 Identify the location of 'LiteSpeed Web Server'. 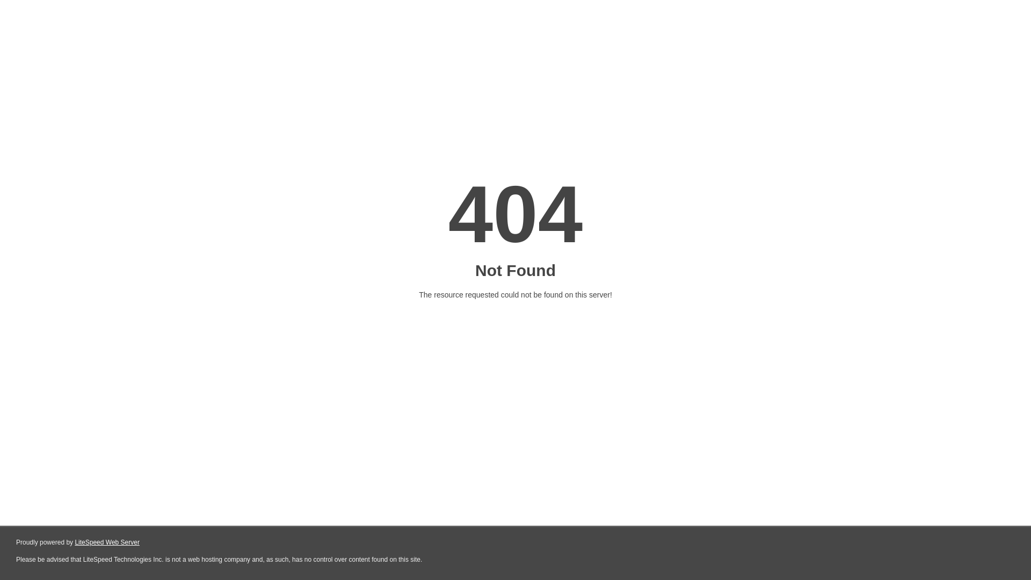
(107, 542).